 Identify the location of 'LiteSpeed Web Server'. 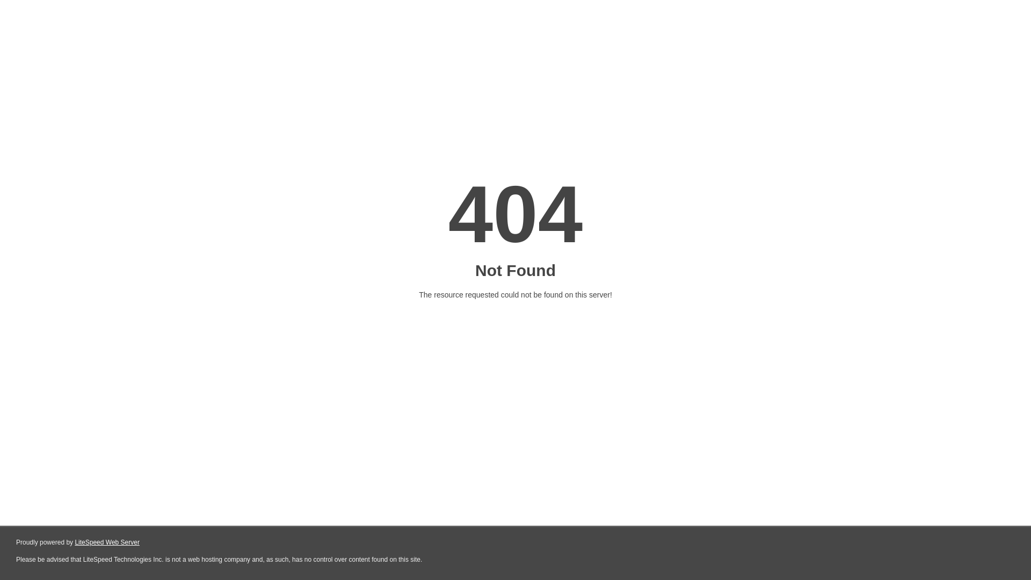
(107, 542).